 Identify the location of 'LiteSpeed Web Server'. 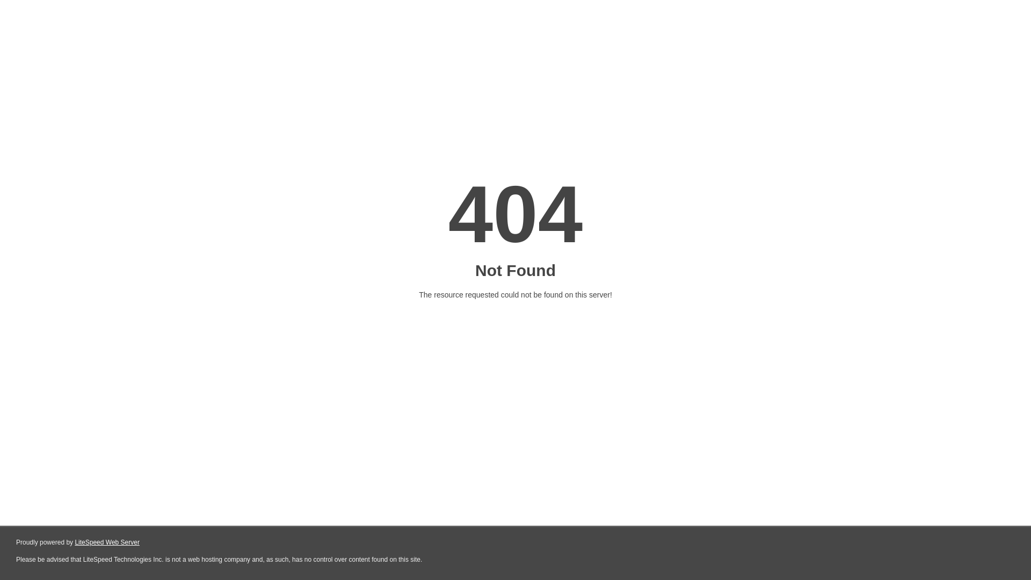
(107, 542).